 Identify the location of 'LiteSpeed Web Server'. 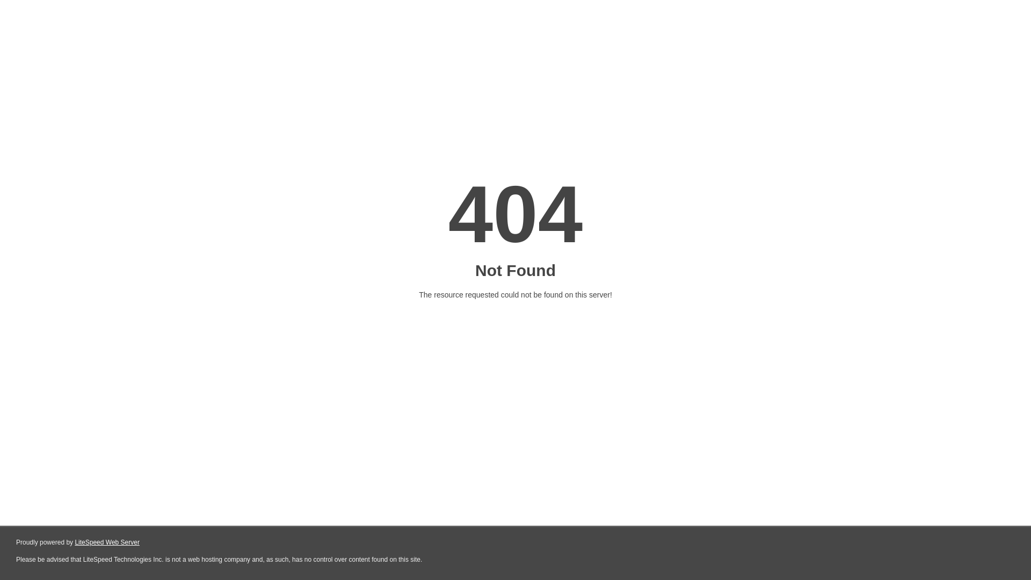
(107, 542).